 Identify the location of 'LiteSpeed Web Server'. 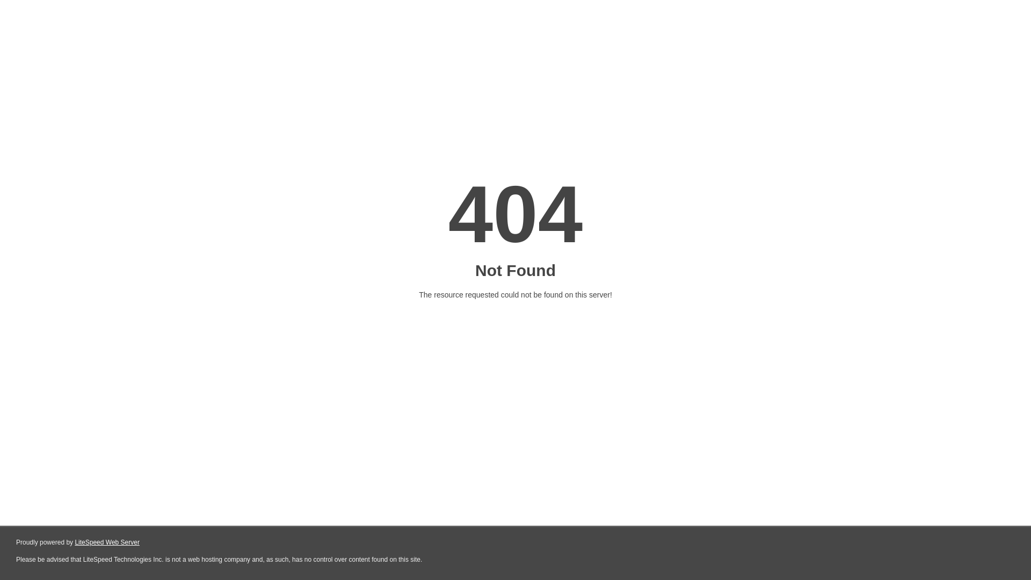
(107, 542).